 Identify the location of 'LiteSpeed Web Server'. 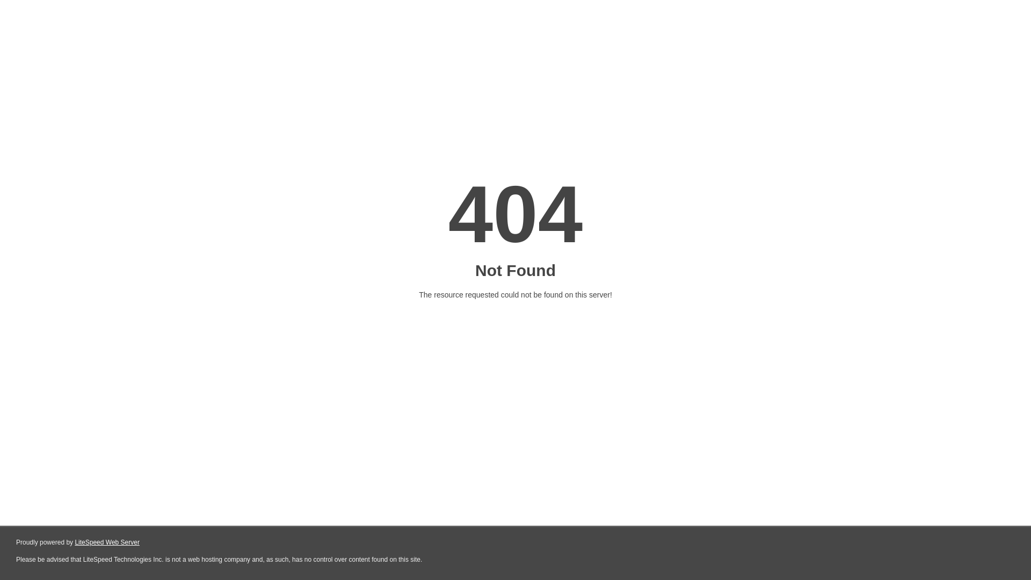
(107, 542).